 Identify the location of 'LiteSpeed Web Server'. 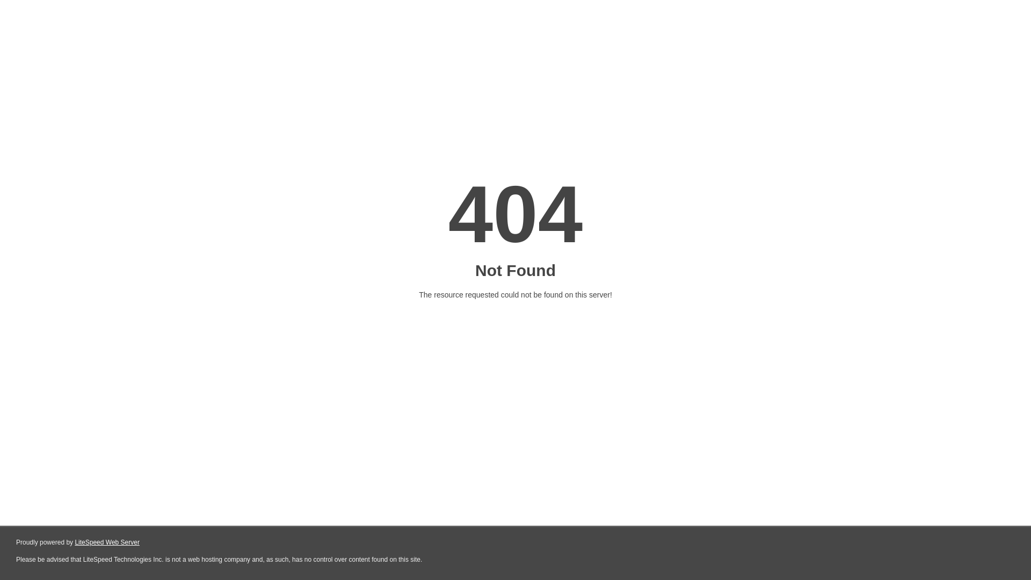
(107, 542).